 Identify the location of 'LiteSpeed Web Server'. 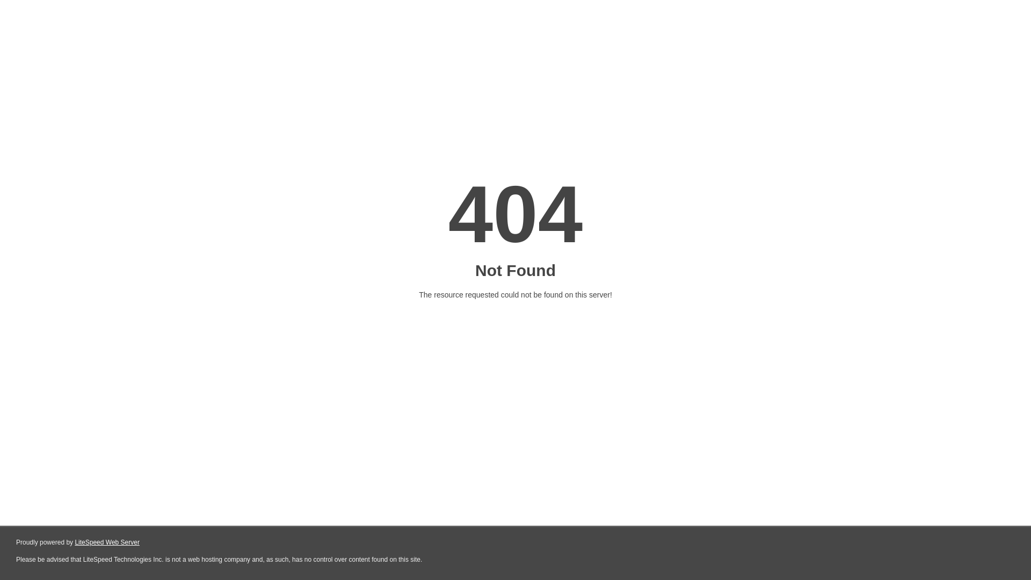
(107, 542).